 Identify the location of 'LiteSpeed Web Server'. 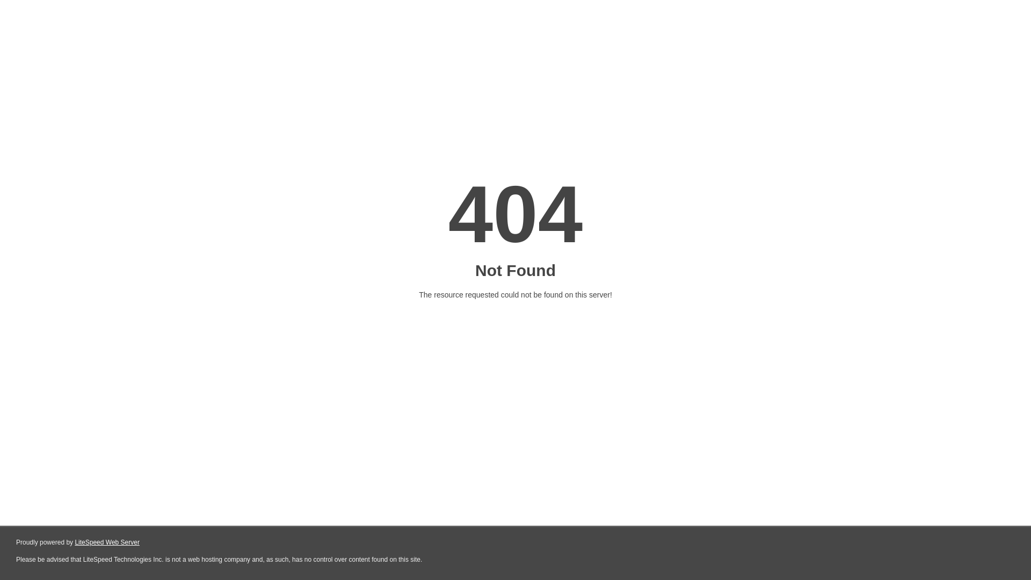
(107, 542).